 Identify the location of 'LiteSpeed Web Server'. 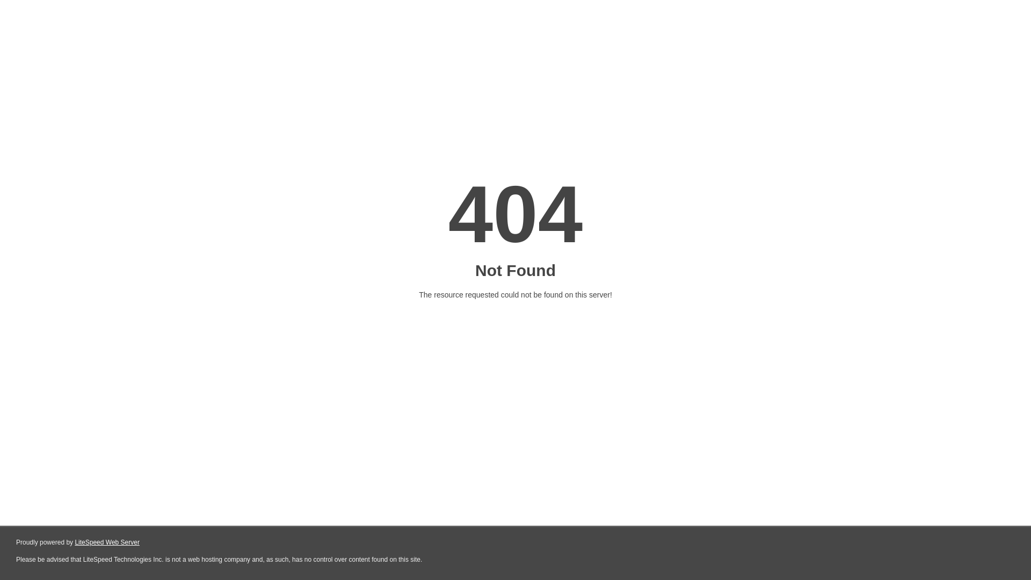
(107, 542).